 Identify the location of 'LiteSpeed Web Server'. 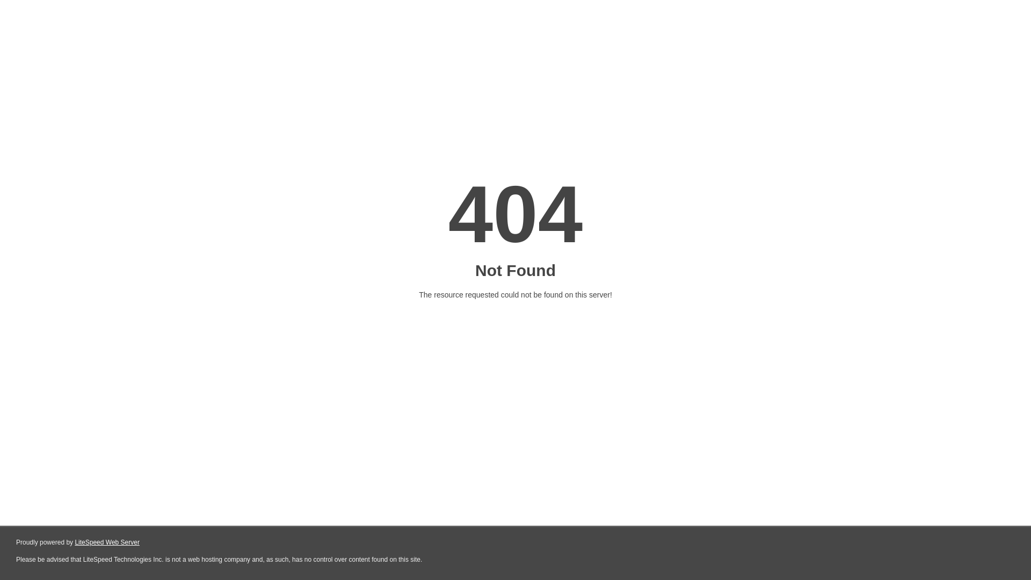
(107, 542).